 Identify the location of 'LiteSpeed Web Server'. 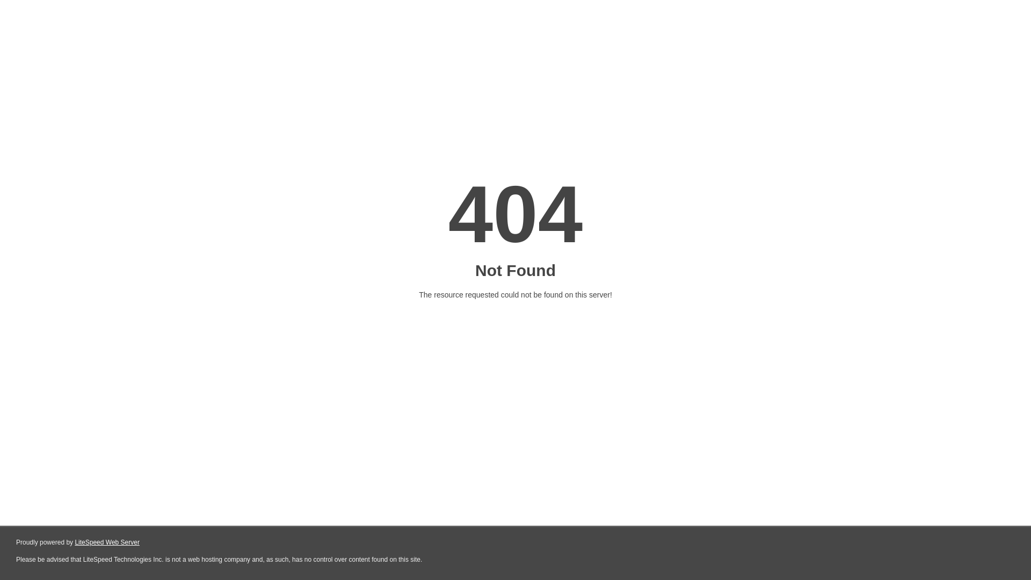
(107, 542).